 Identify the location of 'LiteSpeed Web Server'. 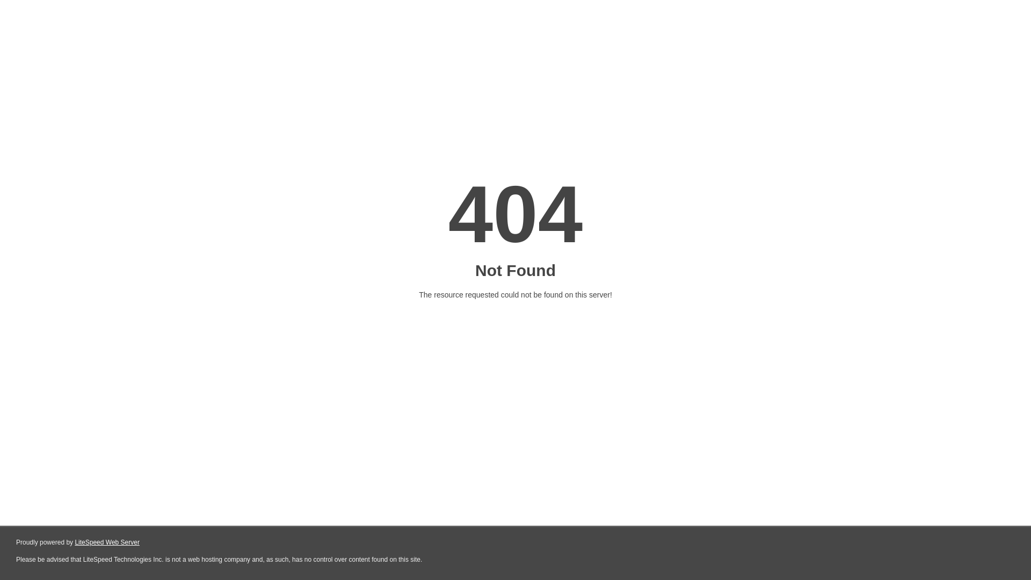
(107, 542).